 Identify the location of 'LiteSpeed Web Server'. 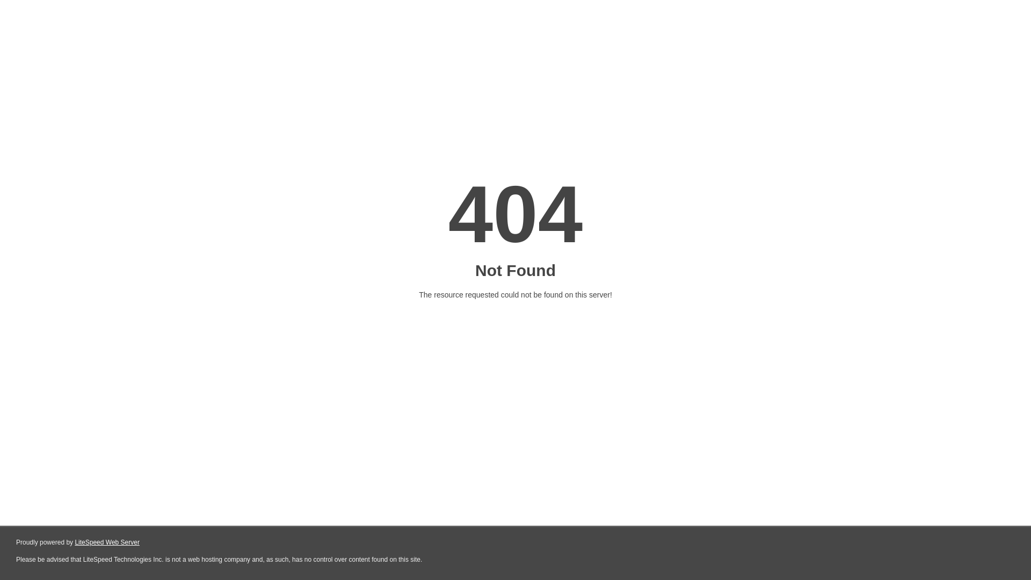
(107, 542).